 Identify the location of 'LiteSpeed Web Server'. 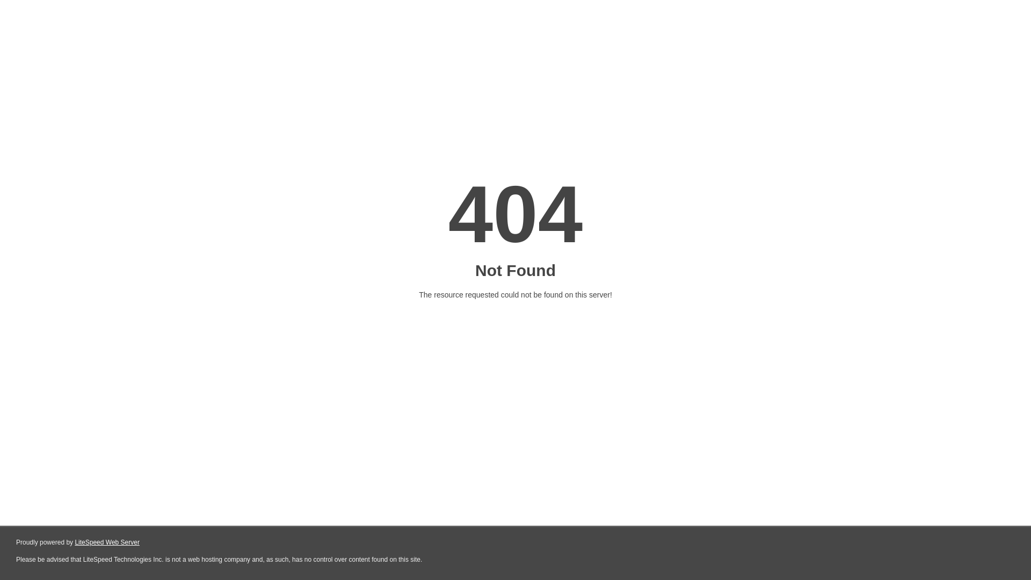
(107, 542).